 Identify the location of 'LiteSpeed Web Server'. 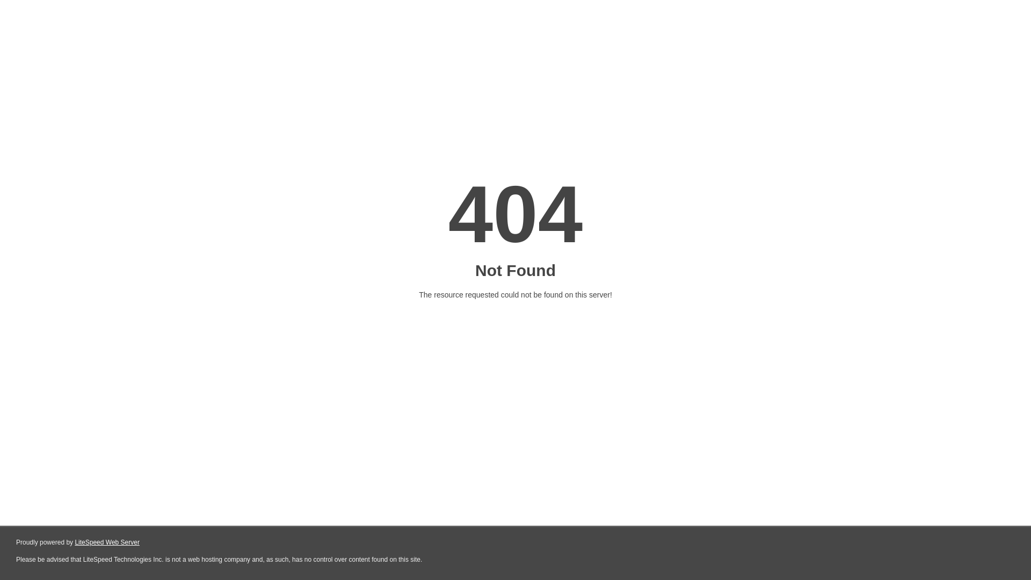
(107, 542).